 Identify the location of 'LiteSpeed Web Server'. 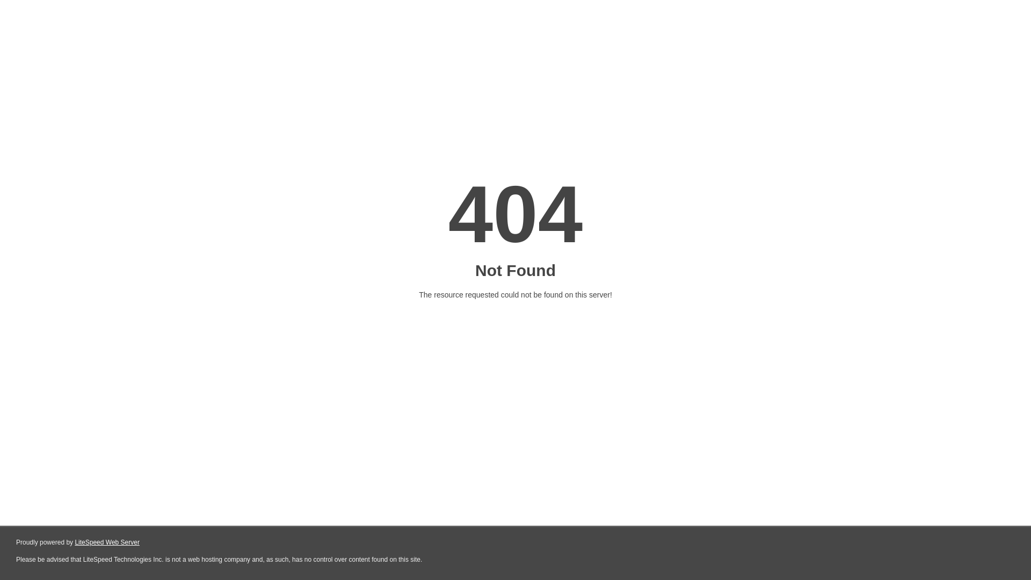
(107, 542).